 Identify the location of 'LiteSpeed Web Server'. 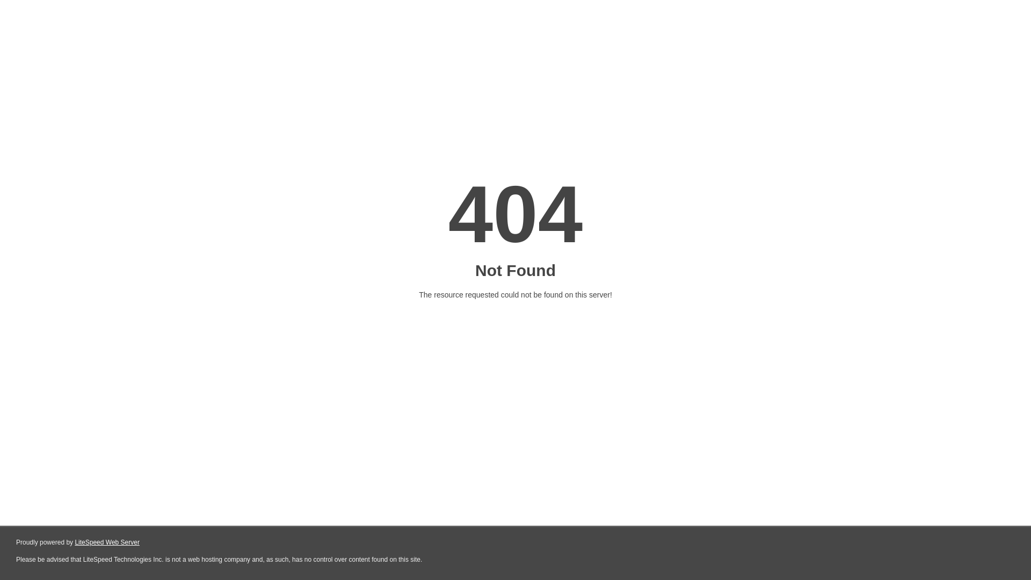
(107, 542).